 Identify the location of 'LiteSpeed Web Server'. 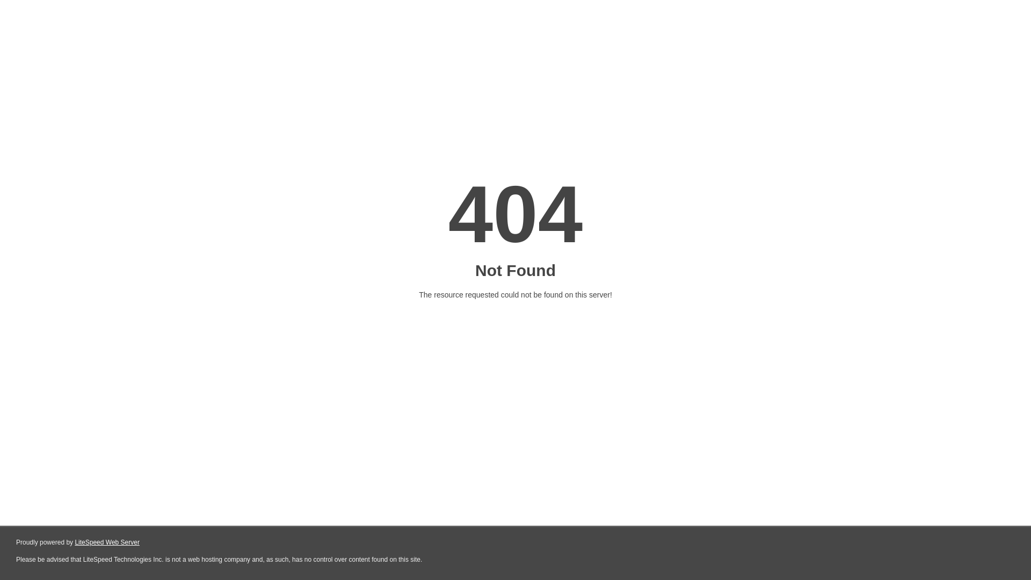
(107, 542).